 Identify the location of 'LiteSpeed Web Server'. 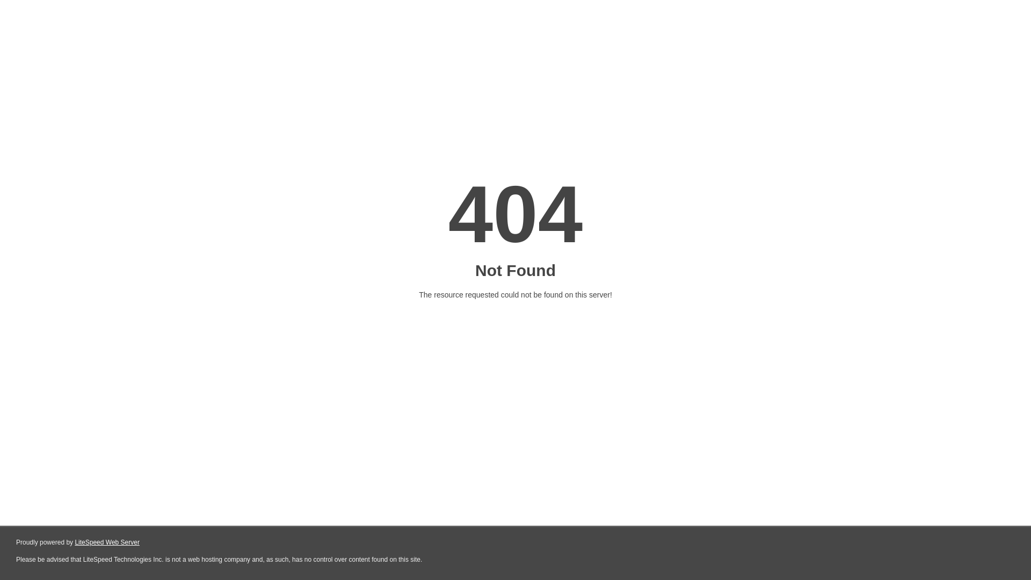
(107, 542).